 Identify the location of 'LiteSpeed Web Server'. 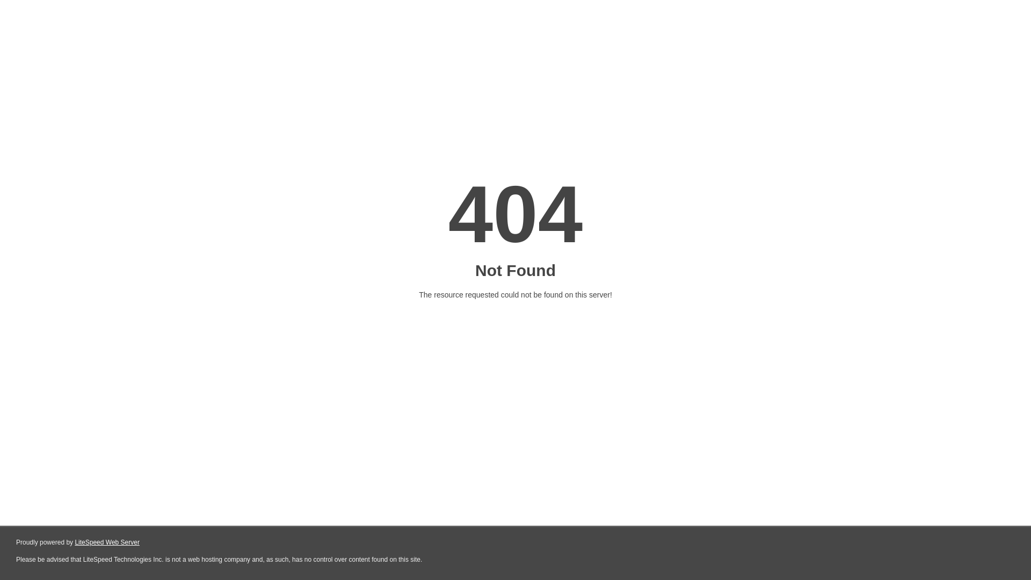
(107, 542).